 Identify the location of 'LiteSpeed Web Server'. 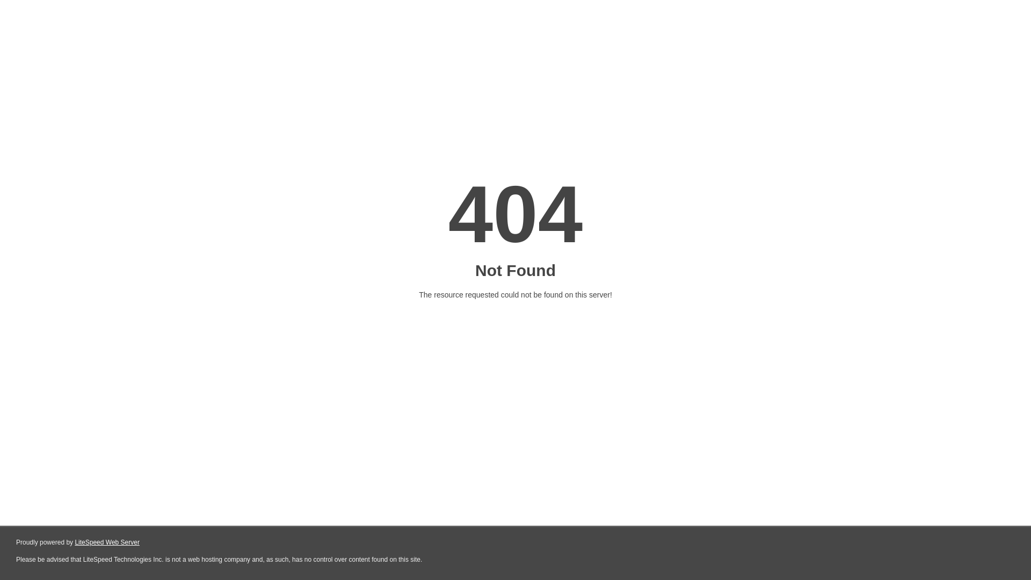
(107, 542).